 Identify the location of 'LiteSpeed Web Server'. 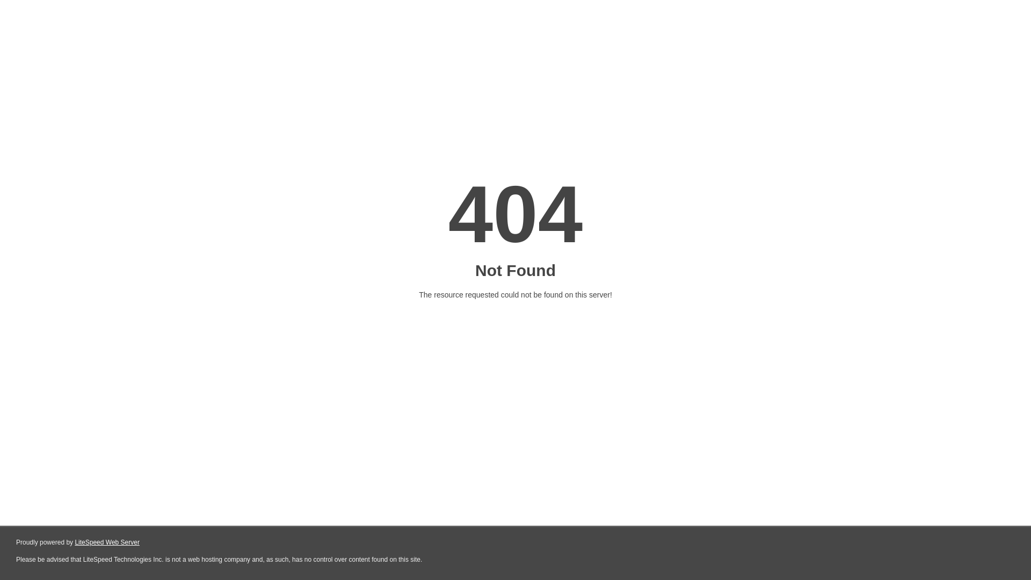
(107, 542).